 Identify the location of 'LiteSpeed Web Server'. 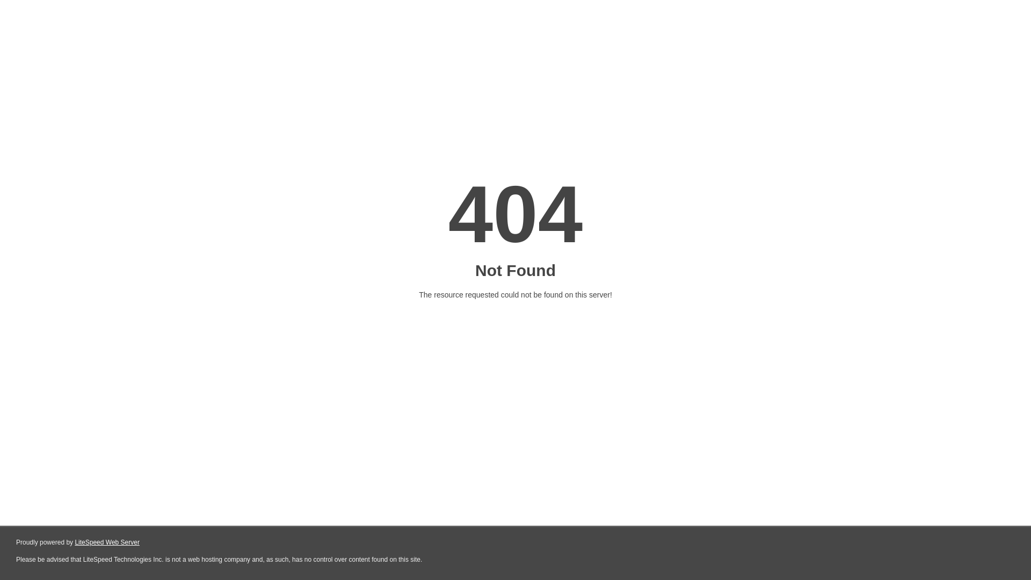
(107, 542).